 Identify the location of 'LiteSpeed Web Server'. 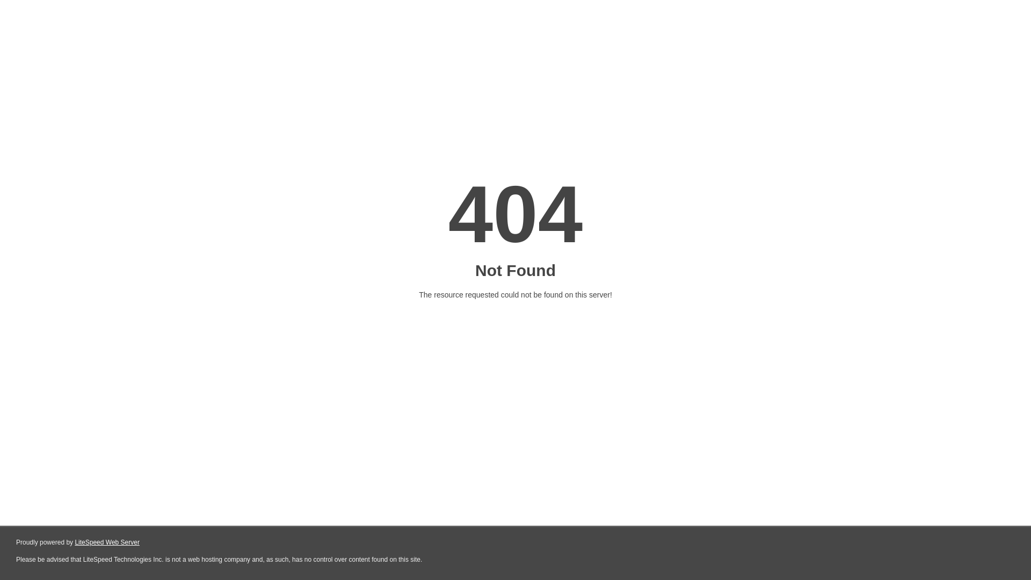
(107, 542).